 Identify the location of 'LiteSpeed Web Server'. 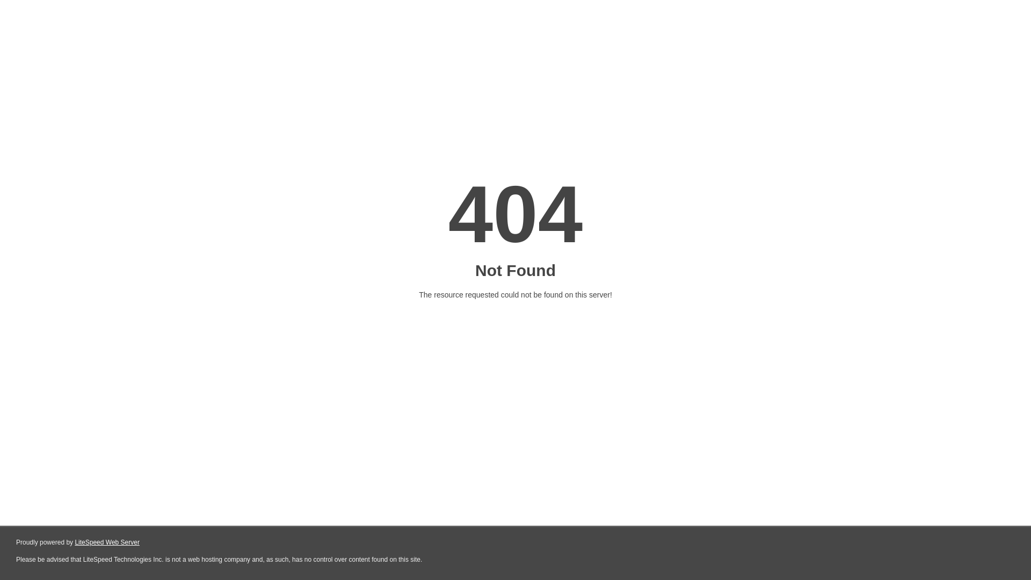
(107, 542).